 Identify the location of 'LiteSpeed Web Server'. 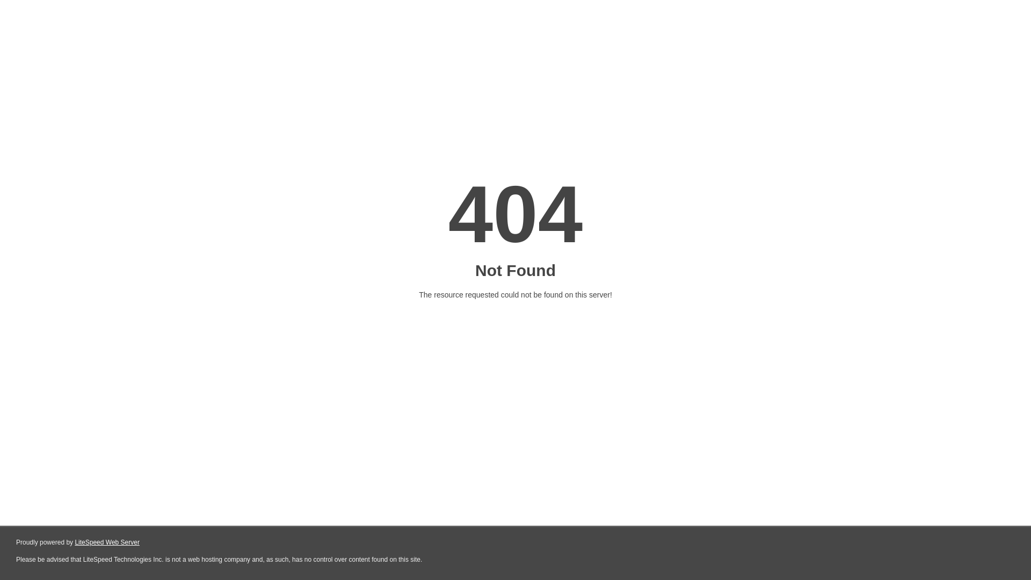
(107, 542).